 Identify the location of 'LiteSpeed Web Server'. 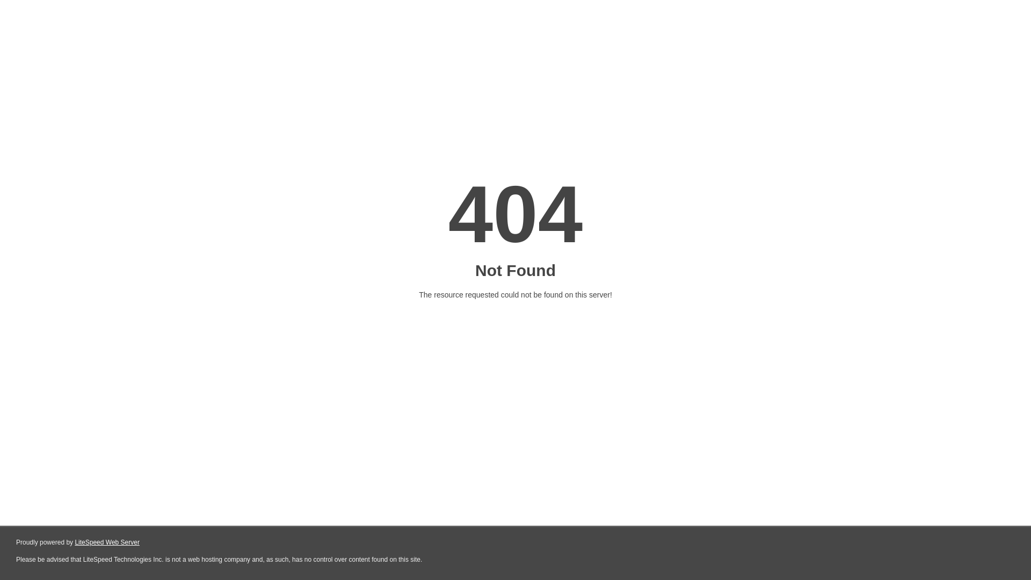
(107, 542).